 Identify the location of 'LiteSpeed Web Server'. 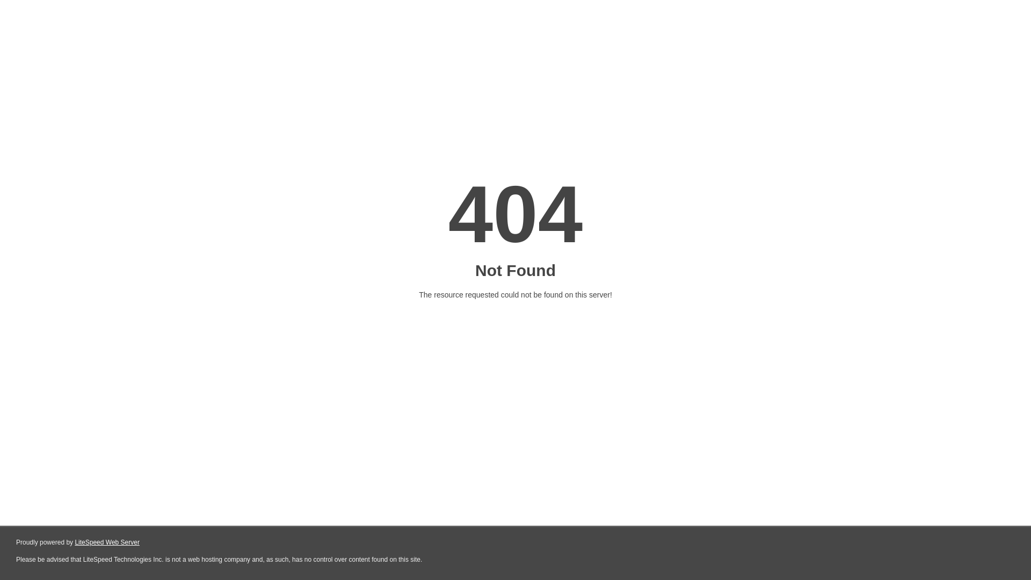
(107, 542).